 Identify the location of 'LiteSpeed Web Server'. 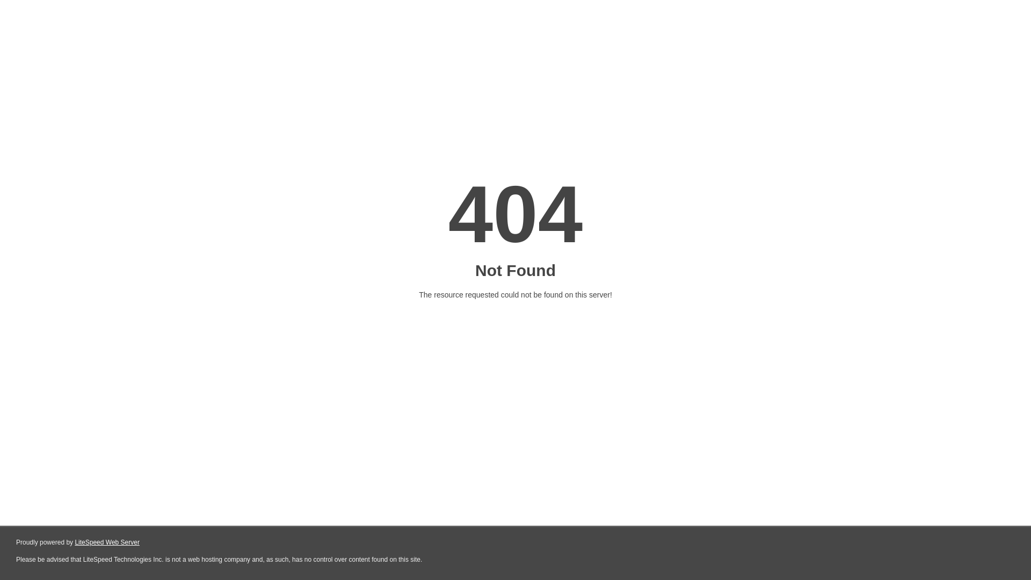
(107, 542).